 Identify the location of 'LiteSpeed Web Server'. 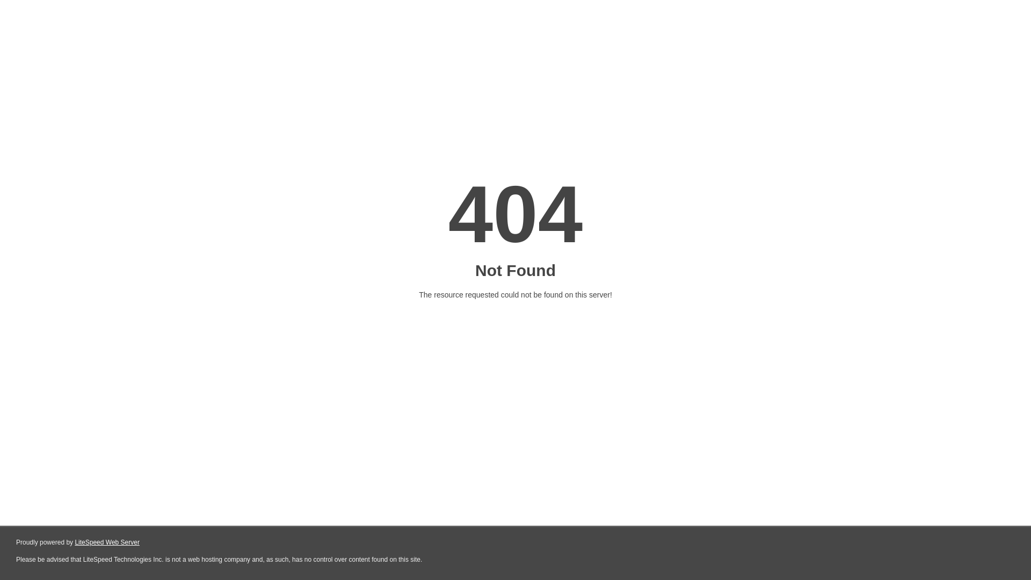
(107, 542).